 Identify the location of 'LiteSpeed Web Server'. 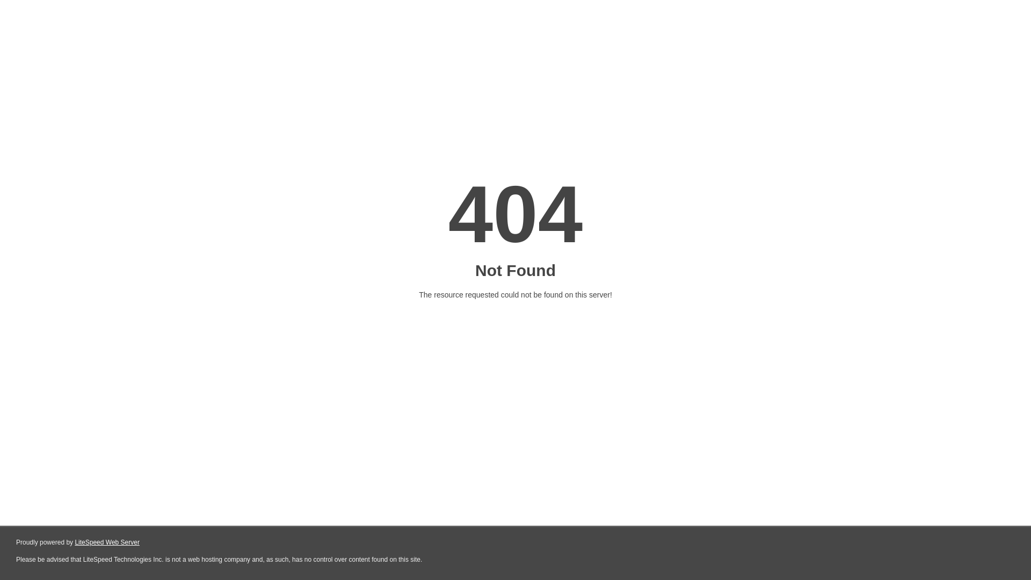
(107, 542).